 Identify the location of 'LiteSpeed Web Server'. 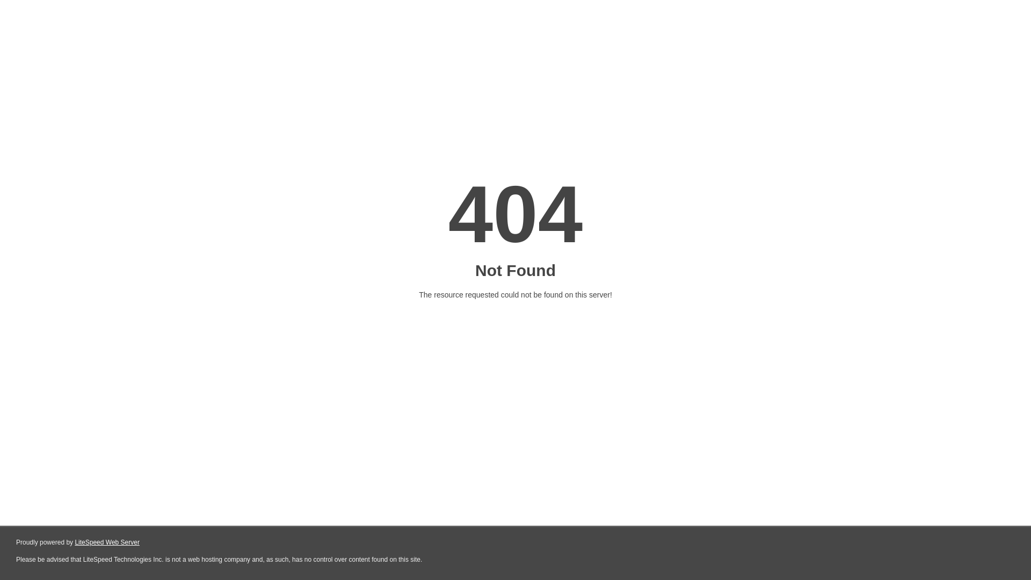
(107, 542).